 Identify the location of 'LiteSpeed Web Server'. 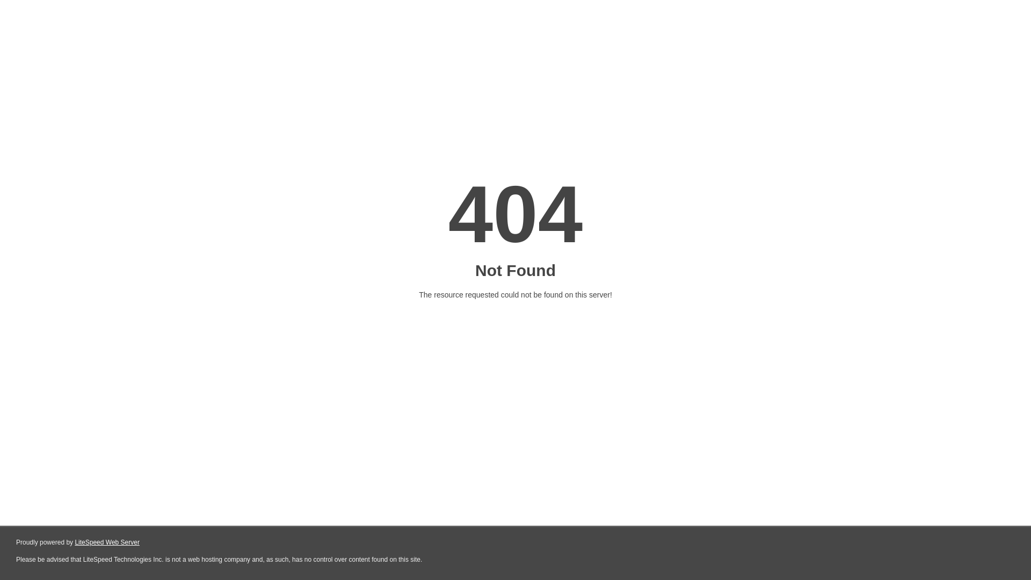
(107, 542).